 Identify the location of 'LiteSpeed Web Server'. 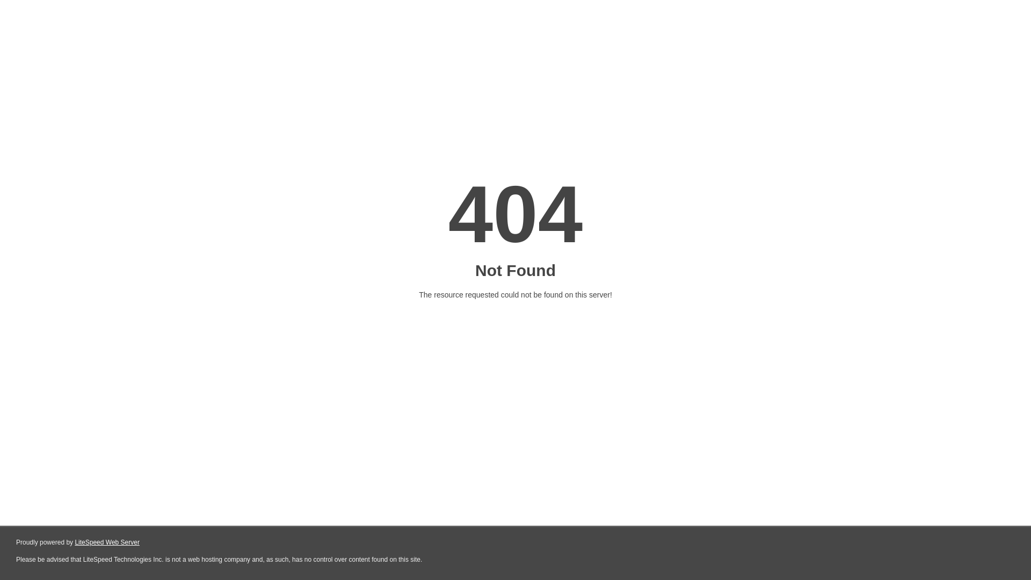
(107, 542).